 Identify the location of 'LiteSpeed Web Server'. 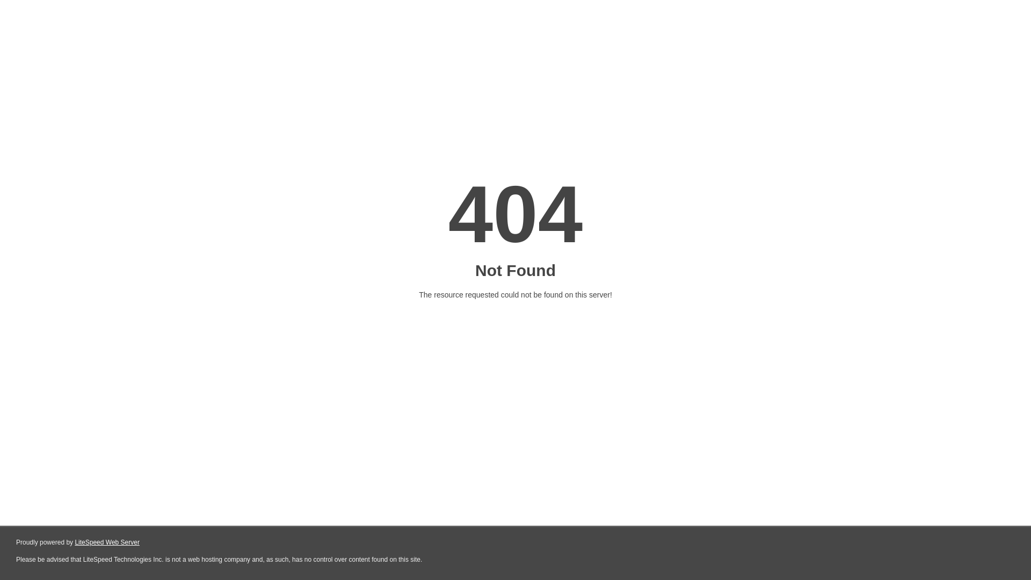
(107, 542).